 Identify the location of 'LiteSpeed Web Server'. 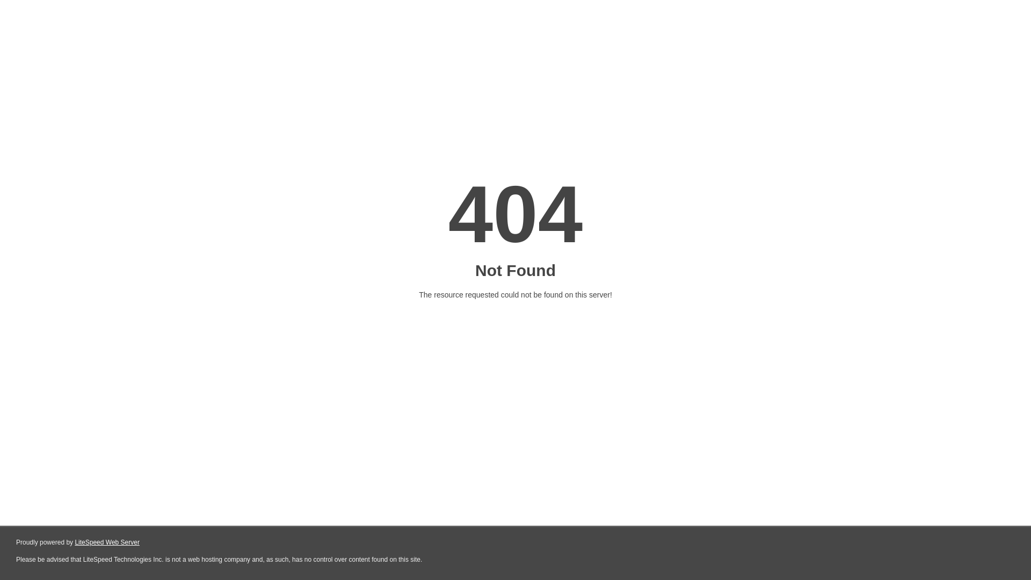
(107, 542).